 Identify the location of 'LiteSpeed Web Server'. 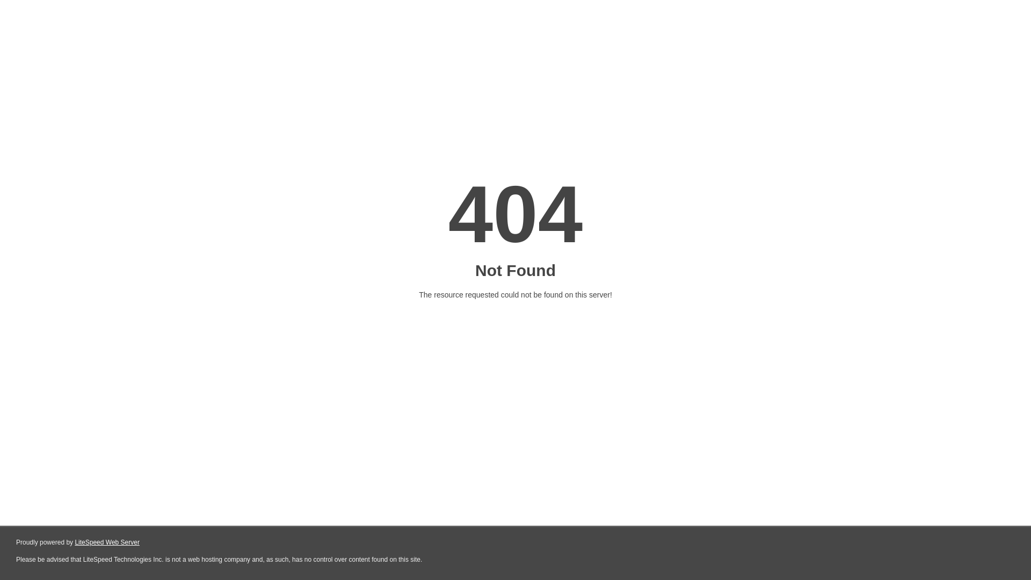
(107, 542).